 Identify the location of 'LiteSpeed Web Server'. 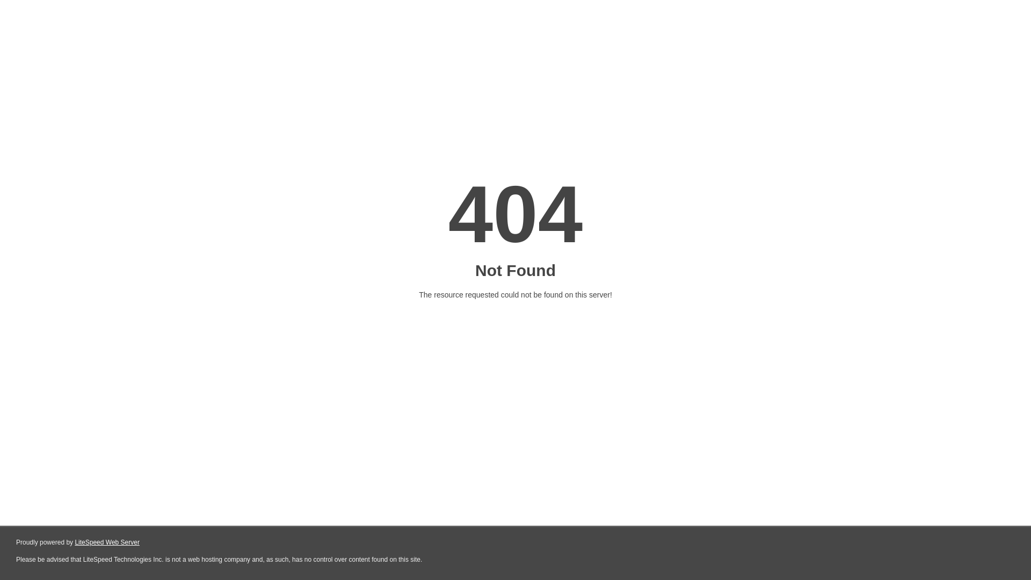
(107, 542).